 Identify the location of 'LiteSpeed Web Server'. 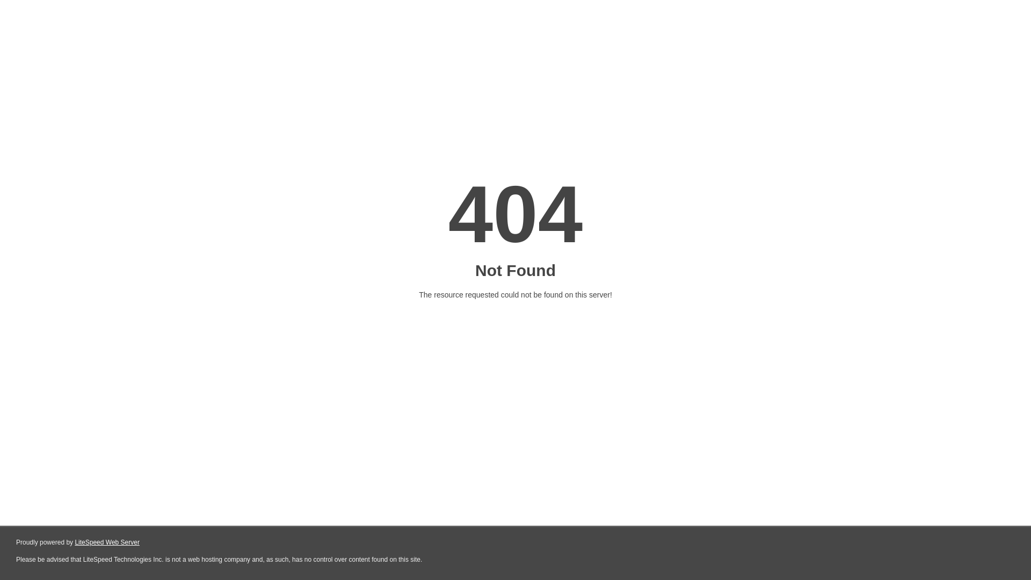
(107, 542).